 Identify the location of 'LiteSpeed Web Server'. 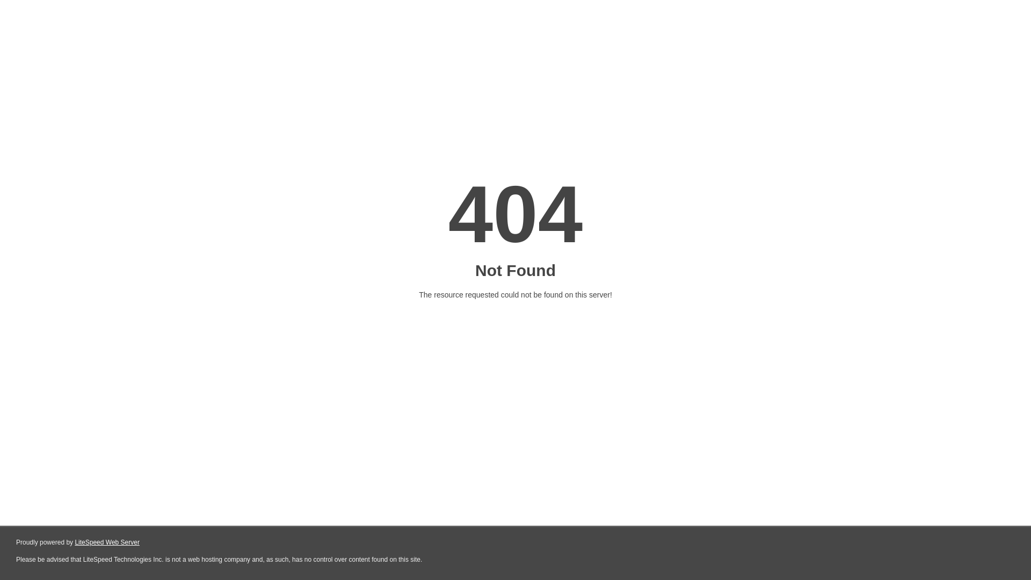
(107, 542).